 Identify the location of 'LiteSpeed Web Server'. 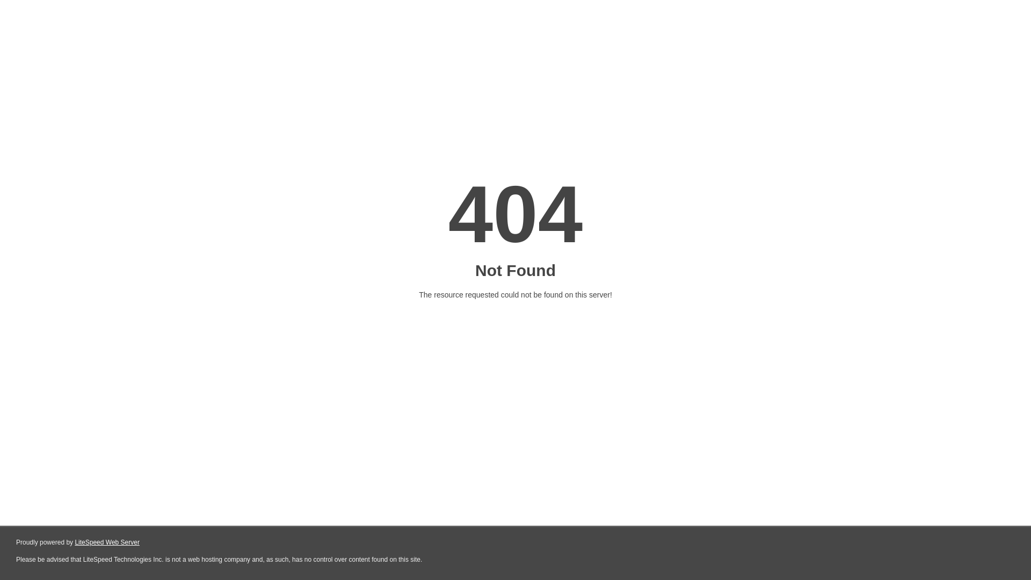
(107, 542).